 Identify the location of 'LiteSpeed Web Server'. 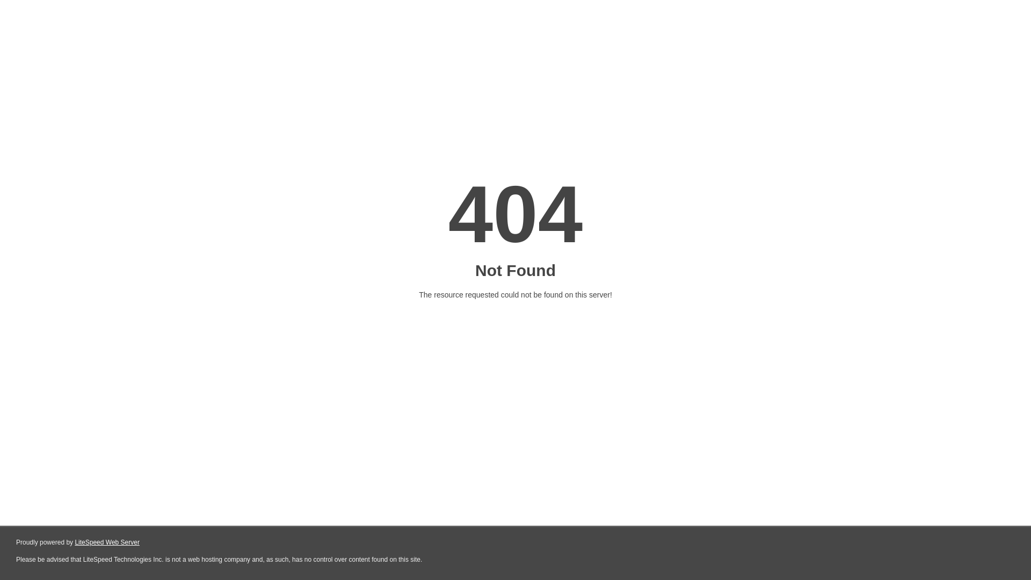
(107, 542).